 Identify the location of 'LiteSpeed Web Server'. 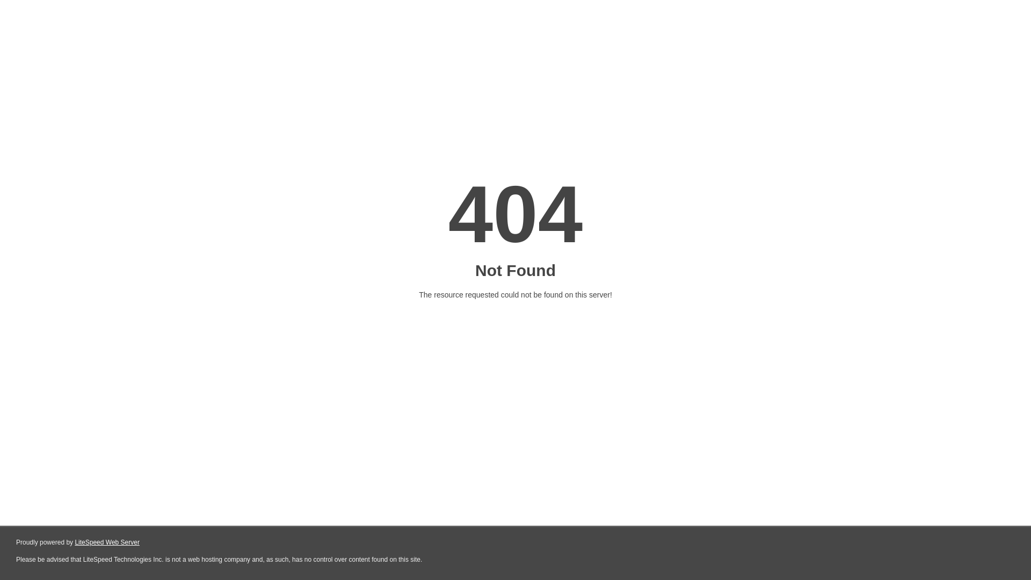
(107, 542).